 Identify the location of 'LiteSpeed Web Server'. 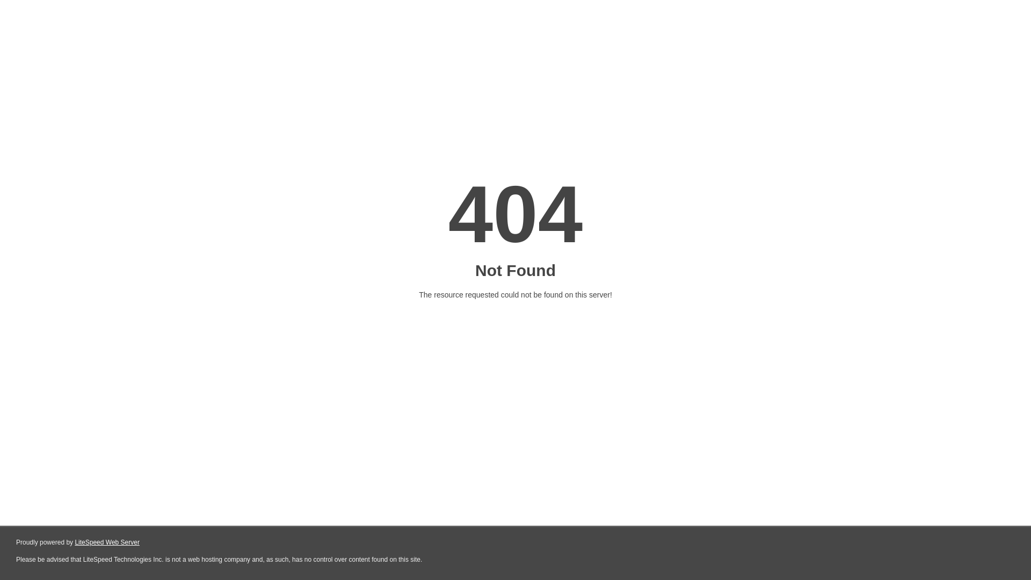
(107, 542).